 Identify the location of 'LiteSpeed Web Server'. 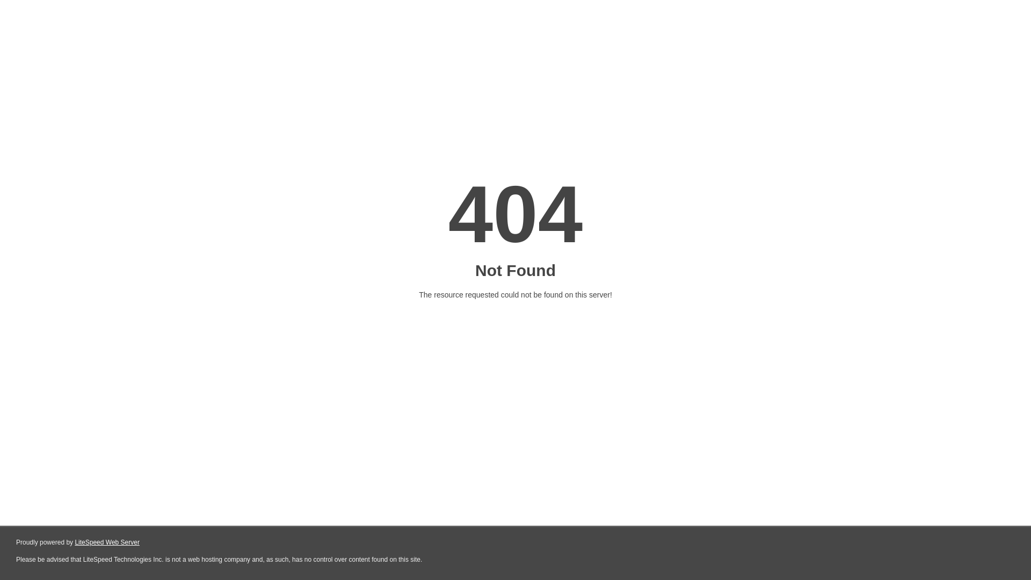
(107, 542).